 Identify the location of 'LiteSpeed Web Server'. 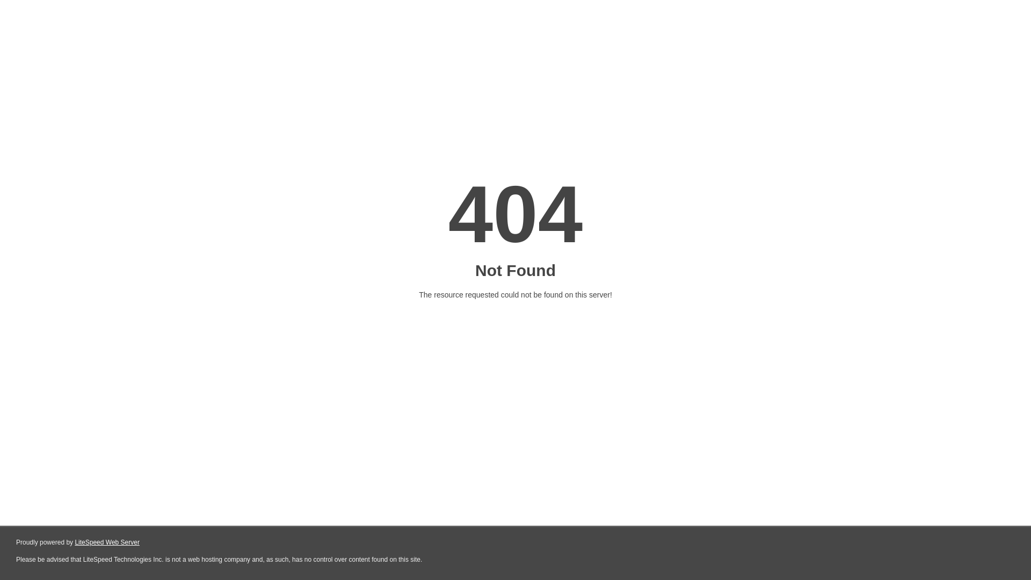
(107, 542).